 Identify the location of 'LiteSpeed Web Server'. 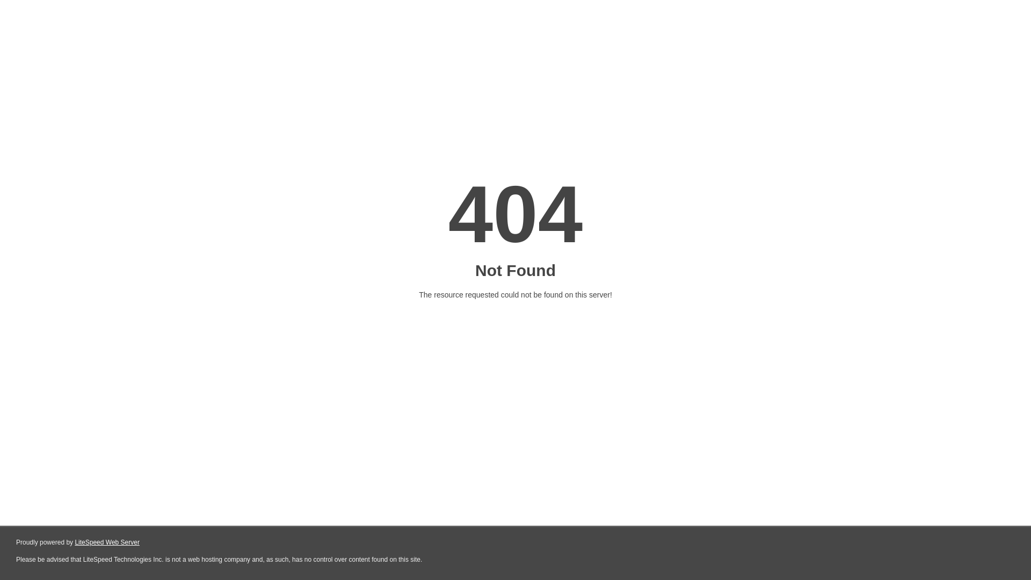
(107, 542).